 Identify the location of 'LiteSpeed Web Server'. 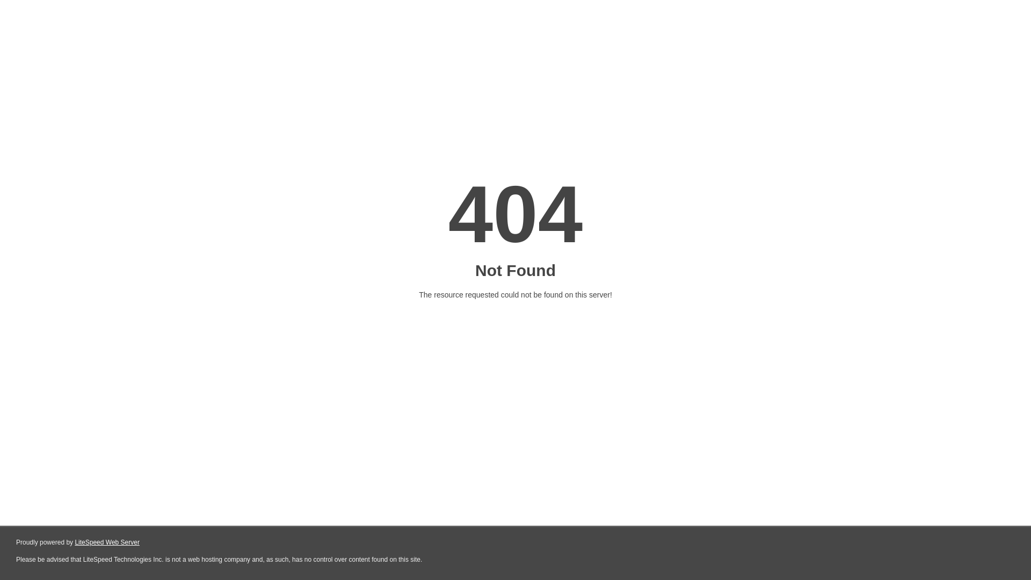
(107, 542).